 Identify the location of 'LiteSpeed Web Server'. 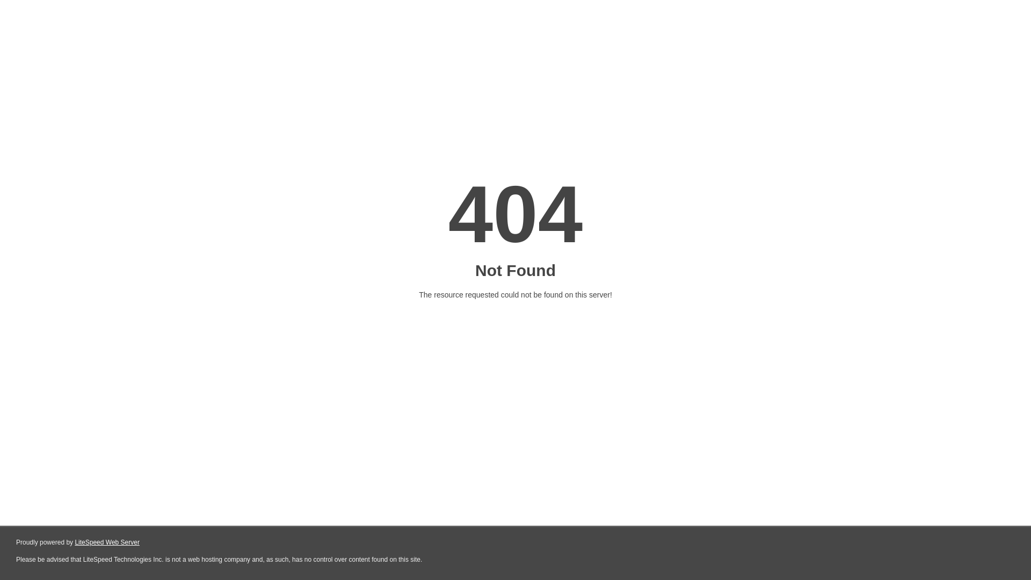
(107, 542).